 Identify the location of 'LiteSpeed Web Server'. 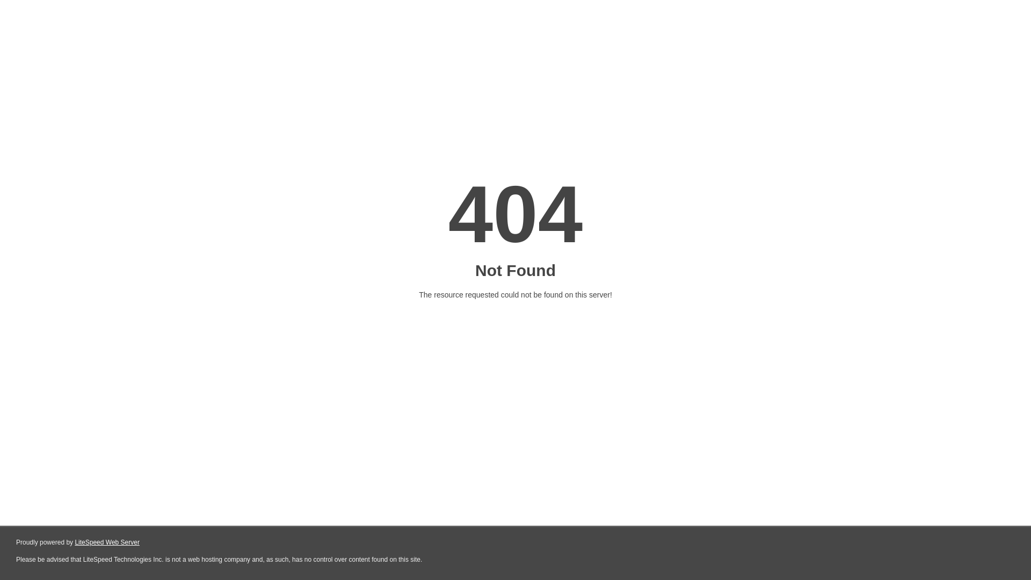
(107, 542).